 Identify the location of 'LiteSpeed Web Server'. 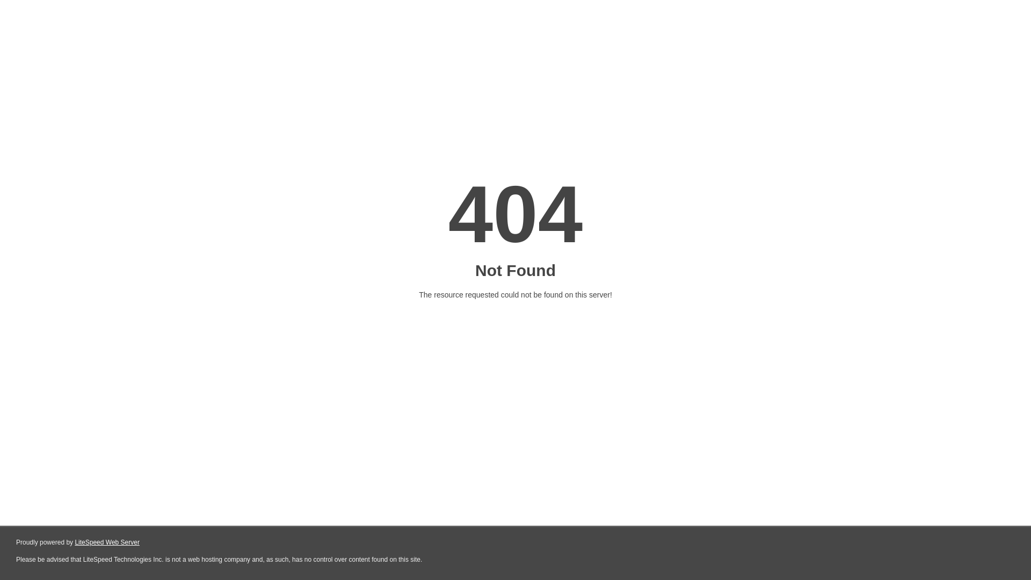
(107, 542).